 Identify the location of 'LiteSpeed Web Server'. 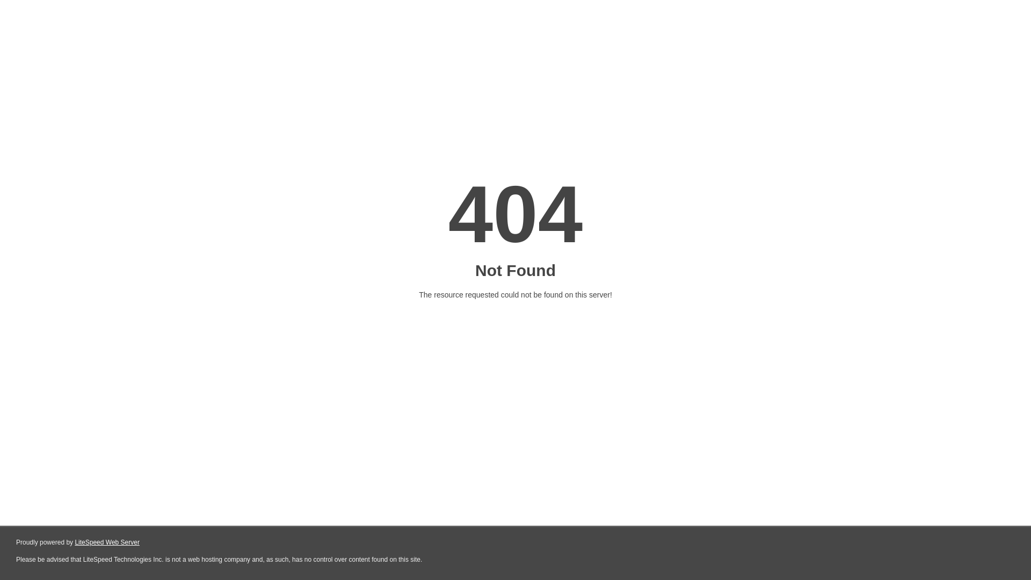
(107, 542).